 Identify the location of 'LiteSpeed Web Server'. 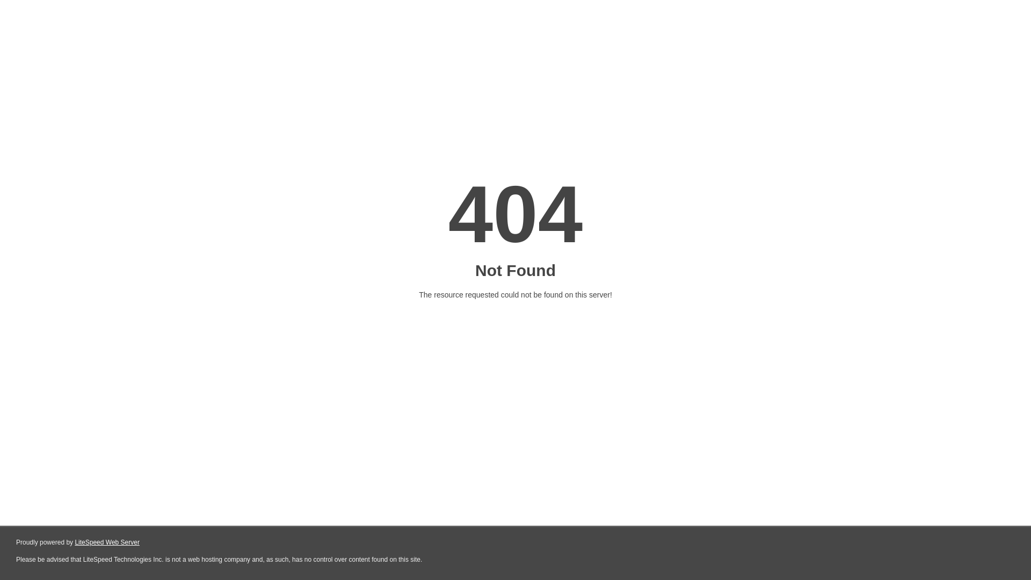
(107, 542).